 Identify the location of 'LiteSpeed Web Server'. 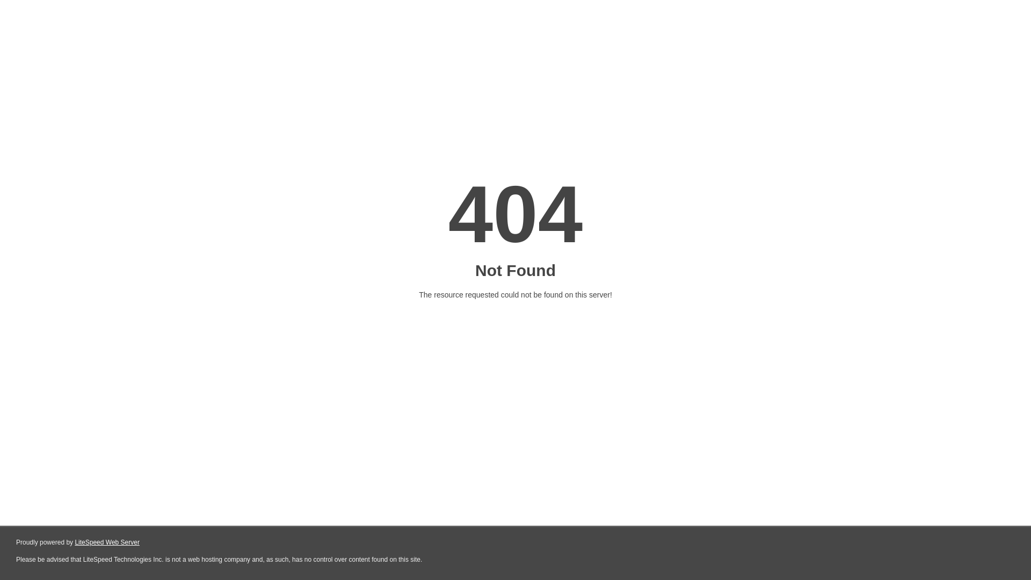
(107, 542).